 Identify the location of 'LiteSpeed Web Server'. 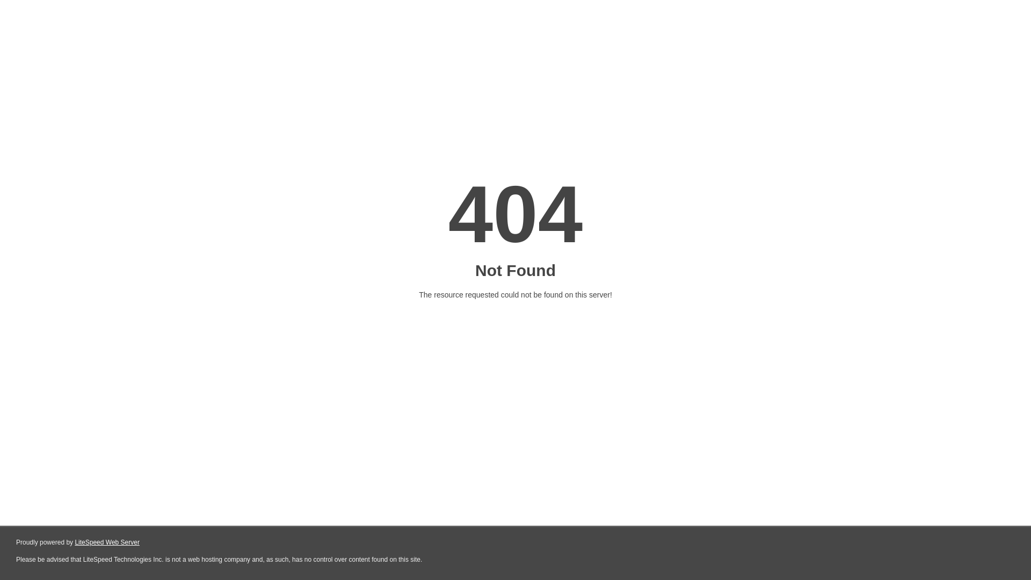
(107, 542).